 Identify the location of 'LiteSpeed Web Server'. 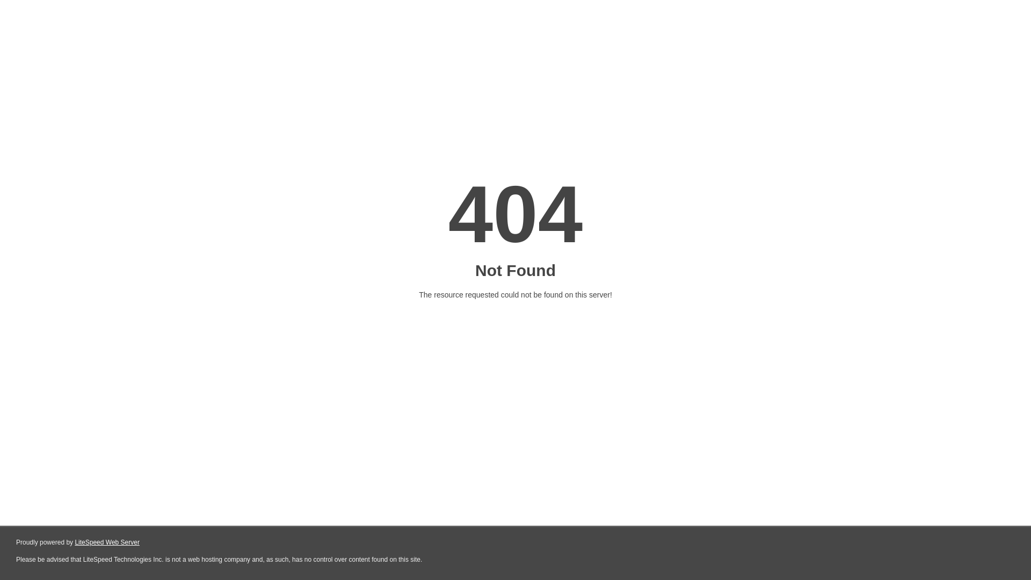
(107, 542).